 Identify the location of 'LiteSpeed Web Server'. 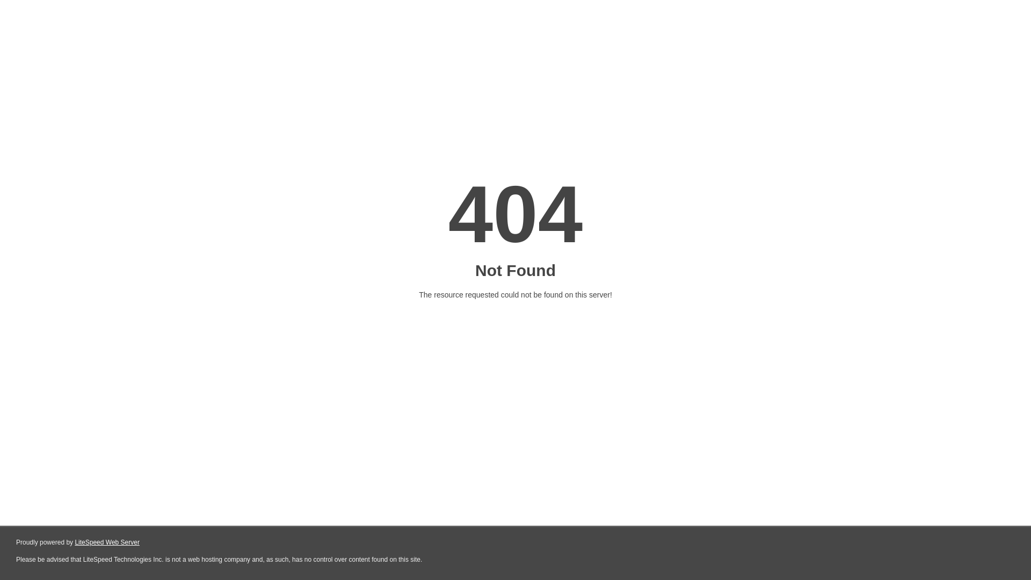
(107, 542).